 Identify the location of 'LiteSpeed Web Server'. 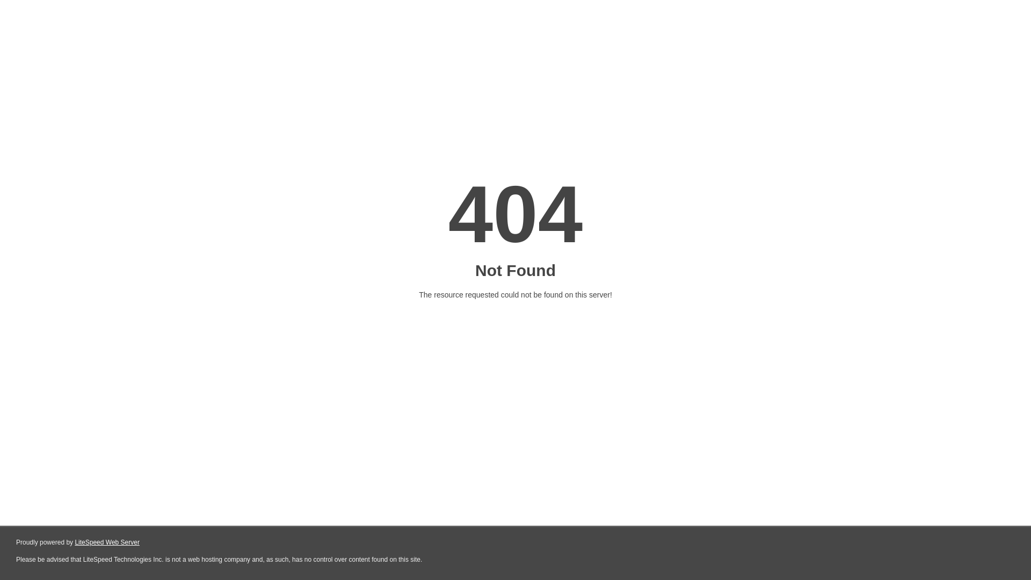
(107, 542).